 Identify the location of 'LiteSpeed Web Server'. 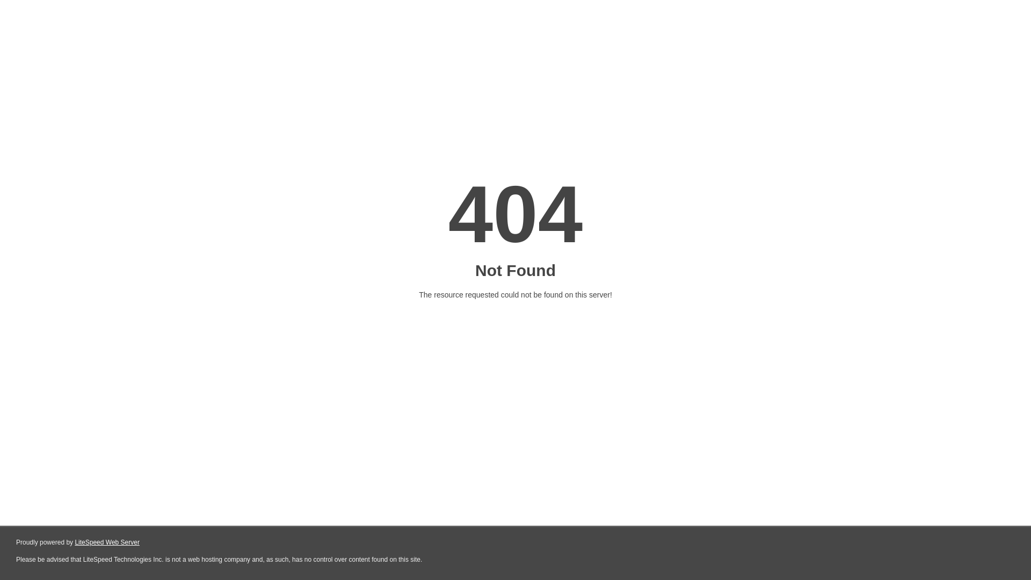
(107, 542).